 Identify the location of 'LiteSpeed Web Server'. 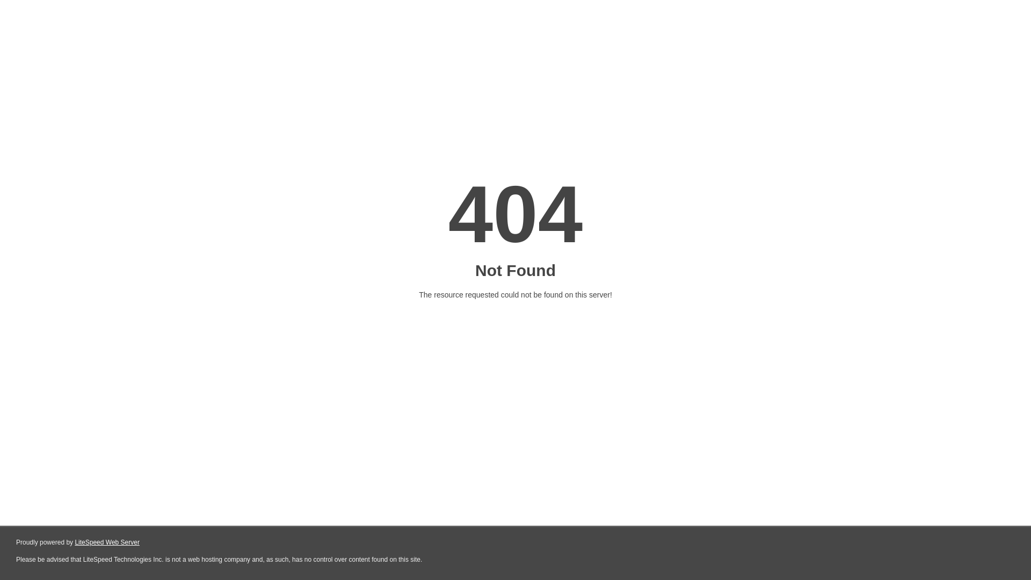
(107, 542).